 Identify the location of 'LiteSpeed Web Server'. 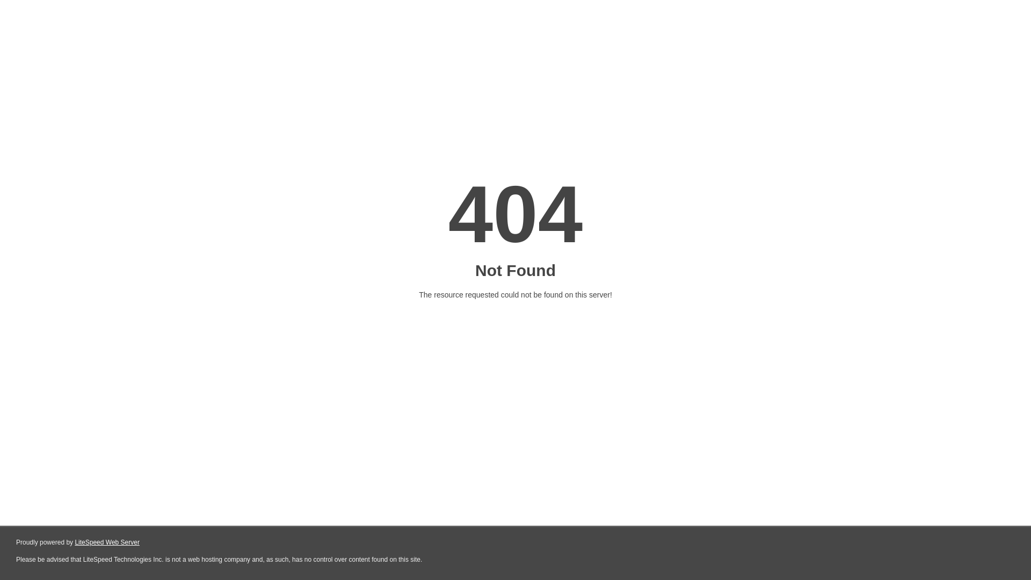
(107, 542).